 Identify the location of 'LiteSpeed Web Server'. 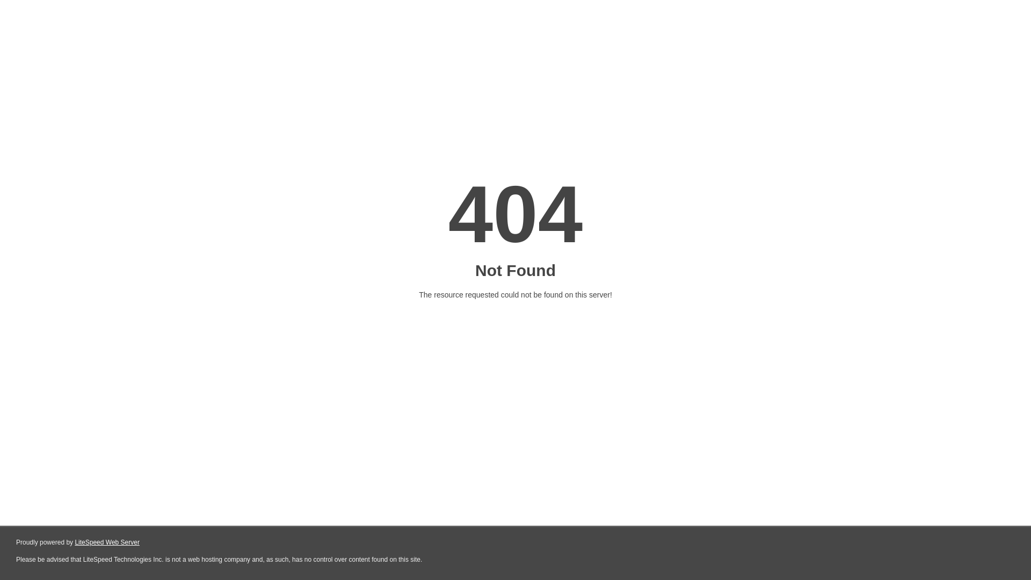
(107, 542).